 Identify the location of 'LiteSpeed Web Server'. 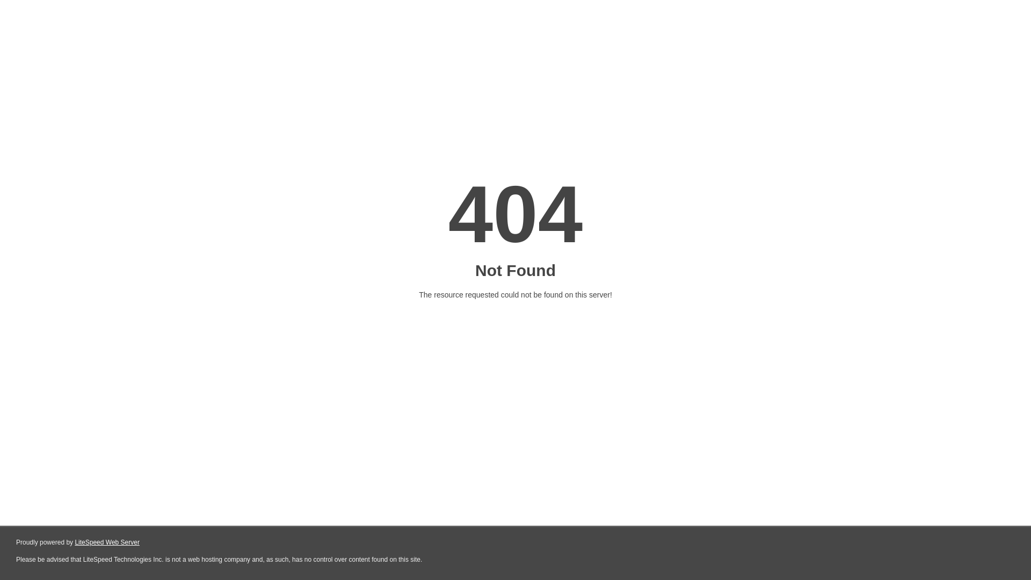
(107, 542).